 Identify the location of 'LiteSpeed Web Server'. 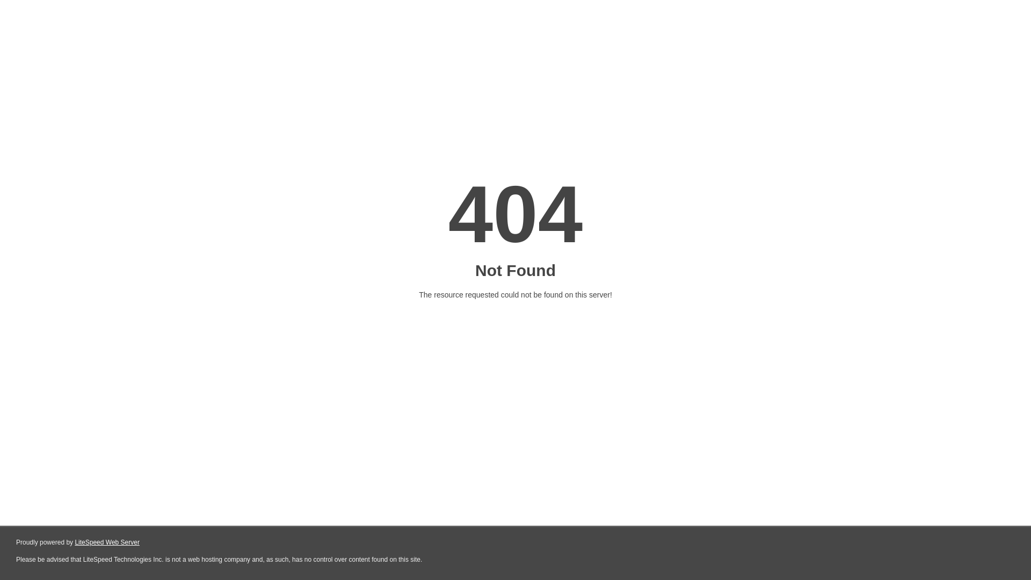
(107, 542).